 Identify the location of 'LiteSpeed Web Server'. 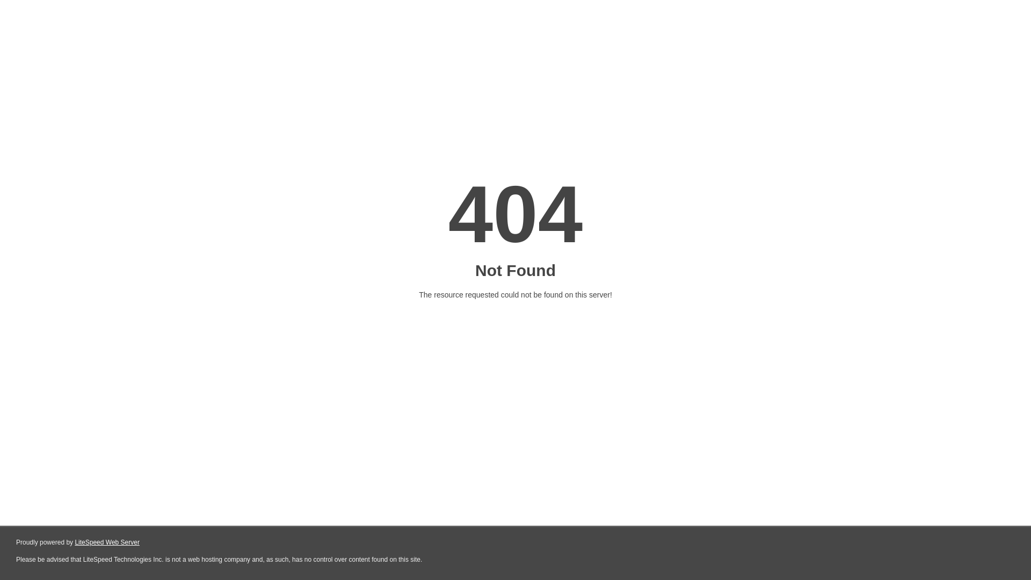
(107, 542).